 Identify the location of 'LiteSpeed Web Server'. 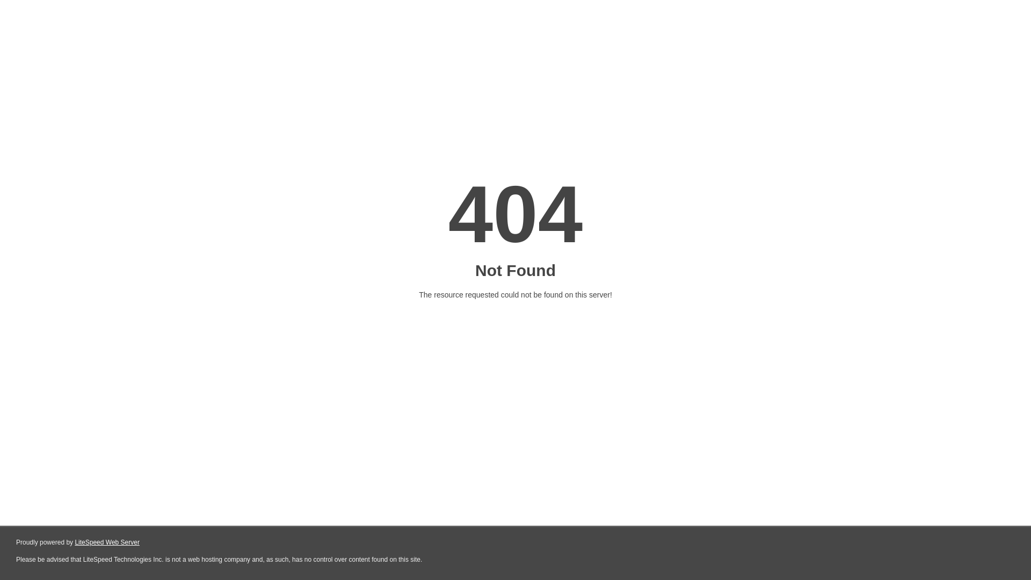
(107, 542).